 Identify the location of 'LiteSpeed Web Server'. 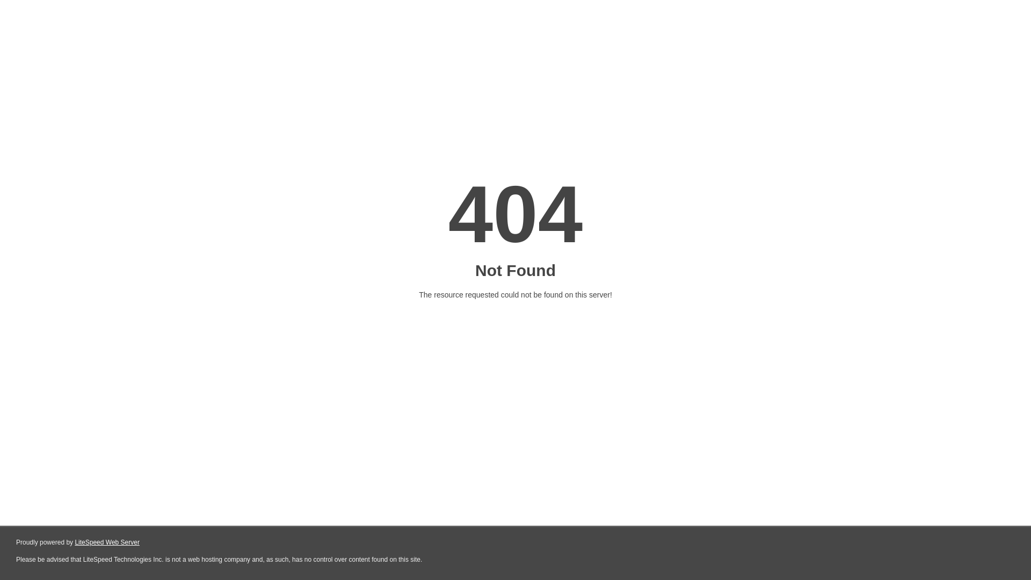
(107, 542).